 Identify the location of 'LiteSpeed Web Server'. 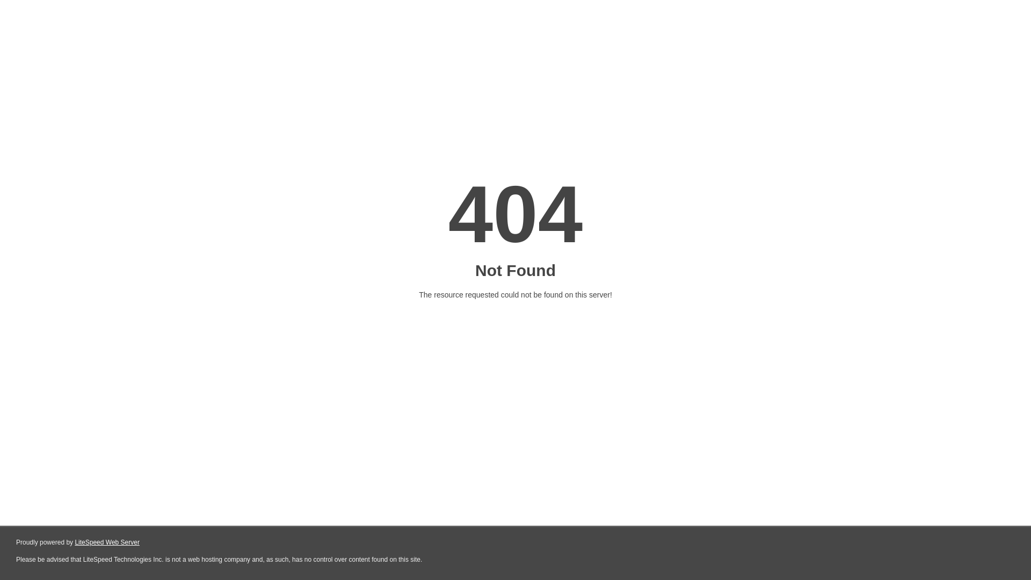
(107, 542).